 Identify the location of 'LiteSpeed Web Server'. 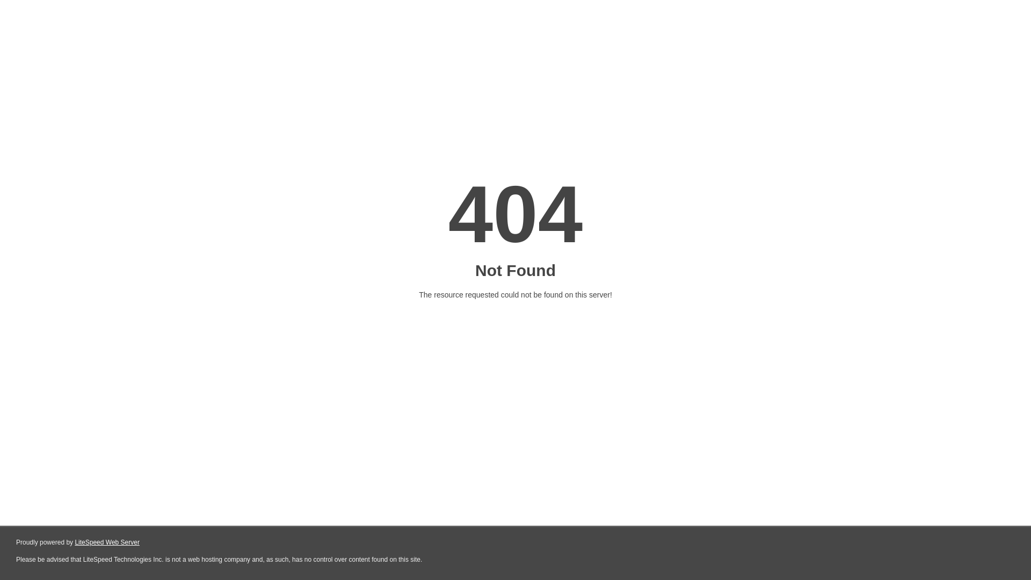
(107, 542).